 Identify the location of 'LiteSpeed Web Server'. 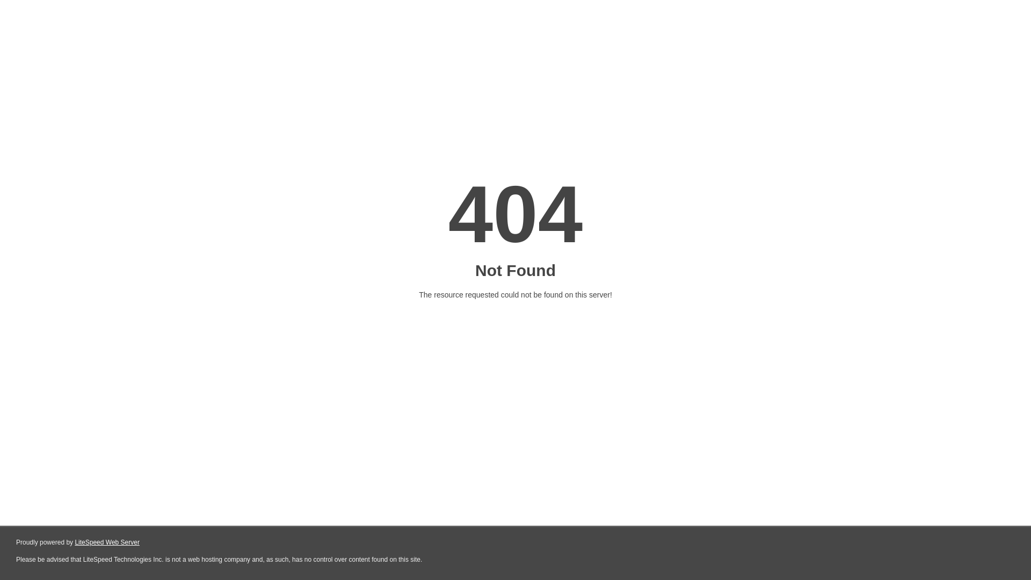
(107, 542).